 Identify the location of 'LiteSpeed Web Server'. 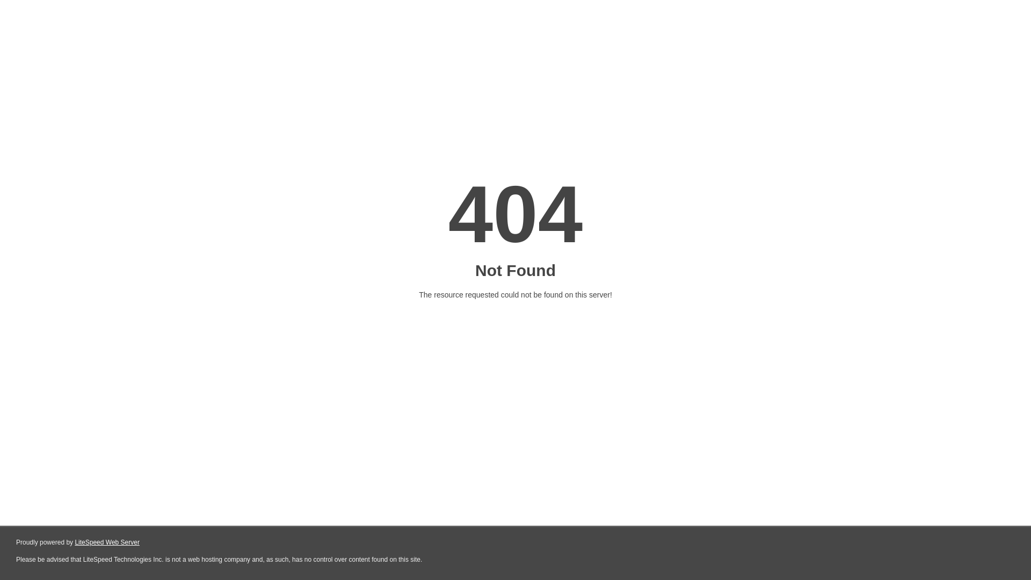
(107, 542).